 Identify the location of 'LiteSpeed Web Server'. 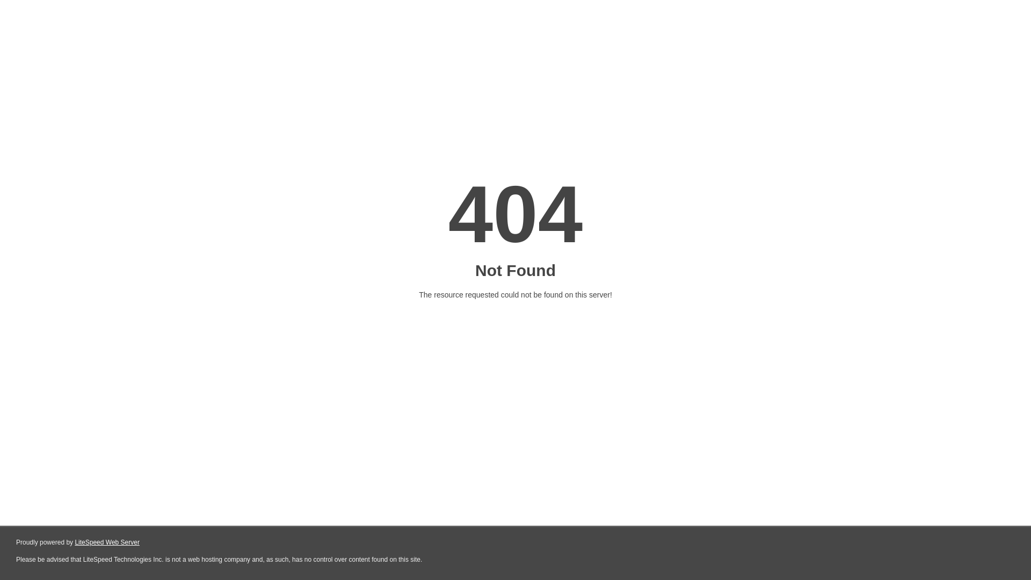
(107, 542).